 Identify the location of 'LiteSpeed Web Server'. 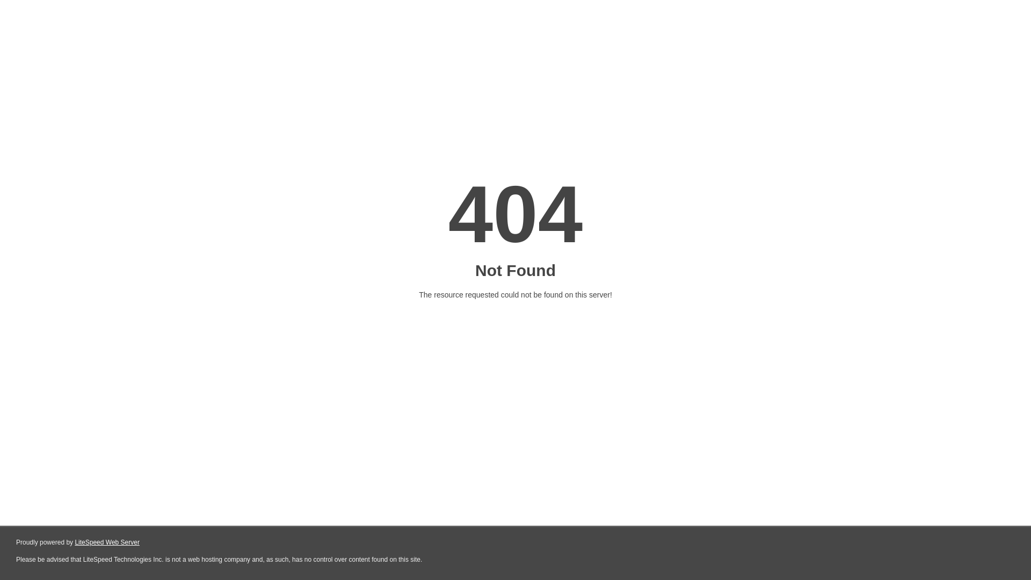
(107, 542).